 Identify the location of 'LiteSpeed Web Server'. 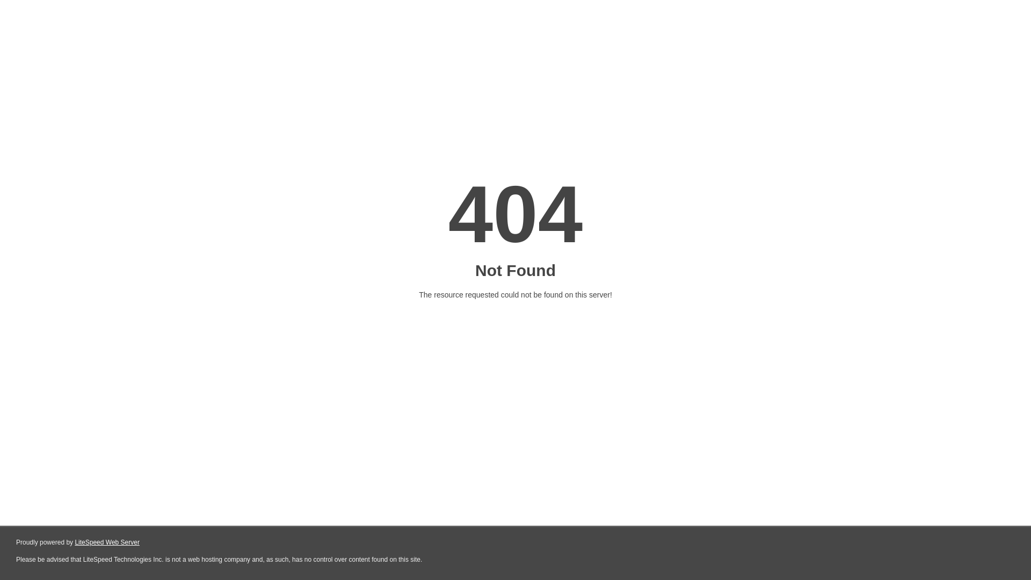
(107, 542).